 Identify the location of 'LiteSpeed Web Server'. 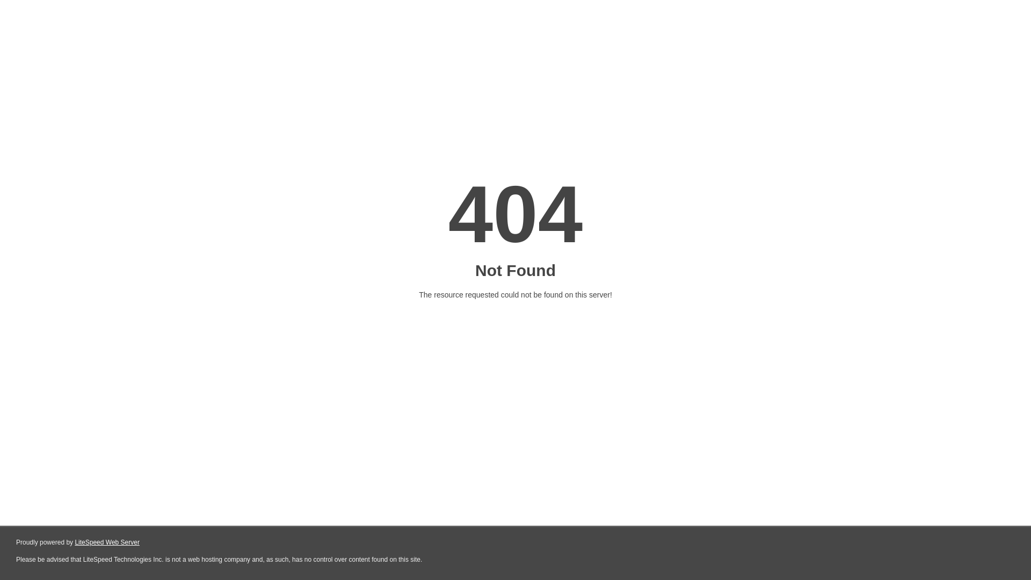
(107, 542).